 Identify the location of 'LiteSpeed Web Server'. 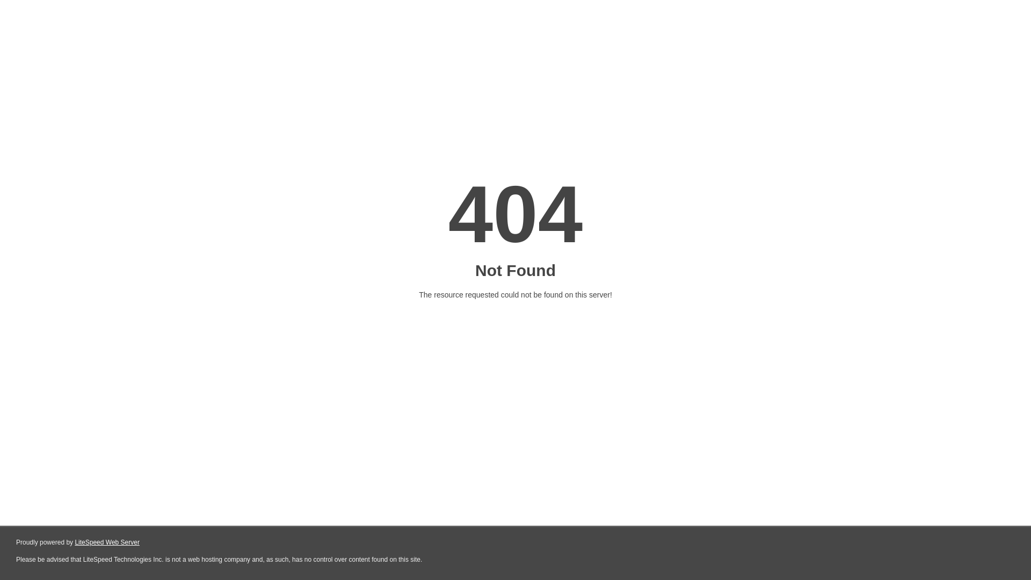
(107, 542).